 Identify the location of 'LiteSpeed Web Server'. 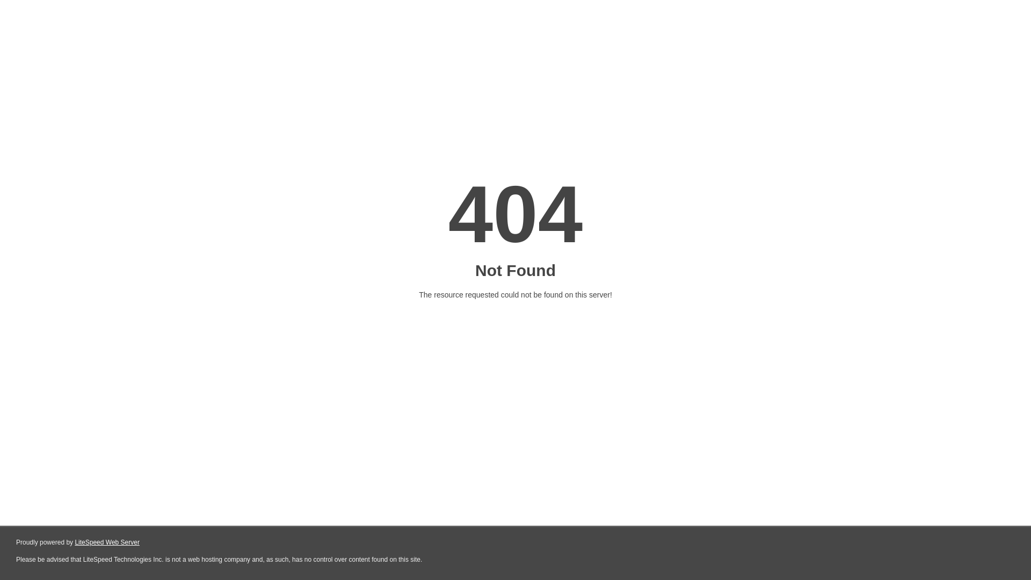
(107, 542).